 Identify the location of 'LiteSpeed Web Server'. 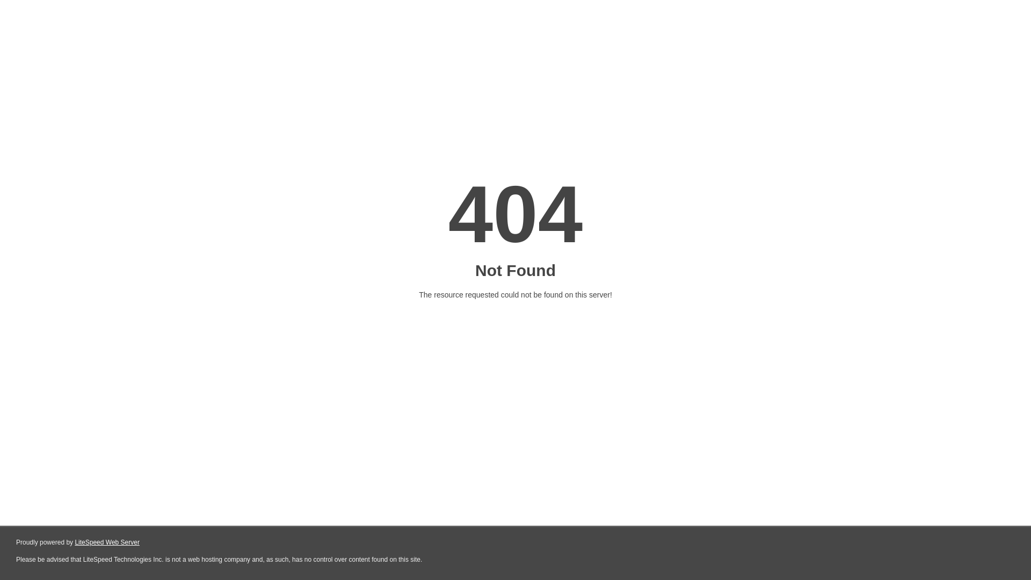
(107, 542).